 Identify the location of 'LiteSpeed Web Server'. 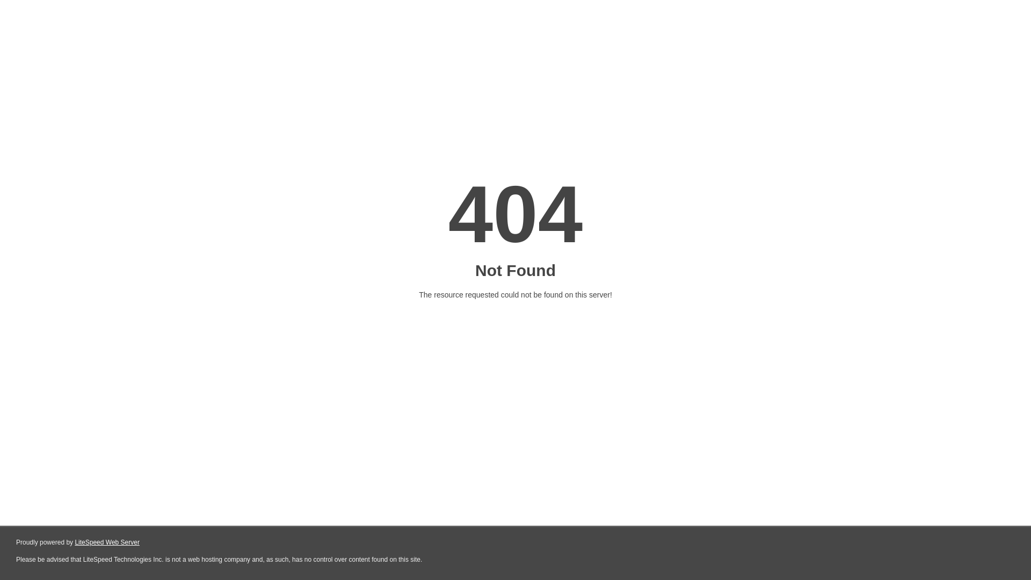
(107, 542).